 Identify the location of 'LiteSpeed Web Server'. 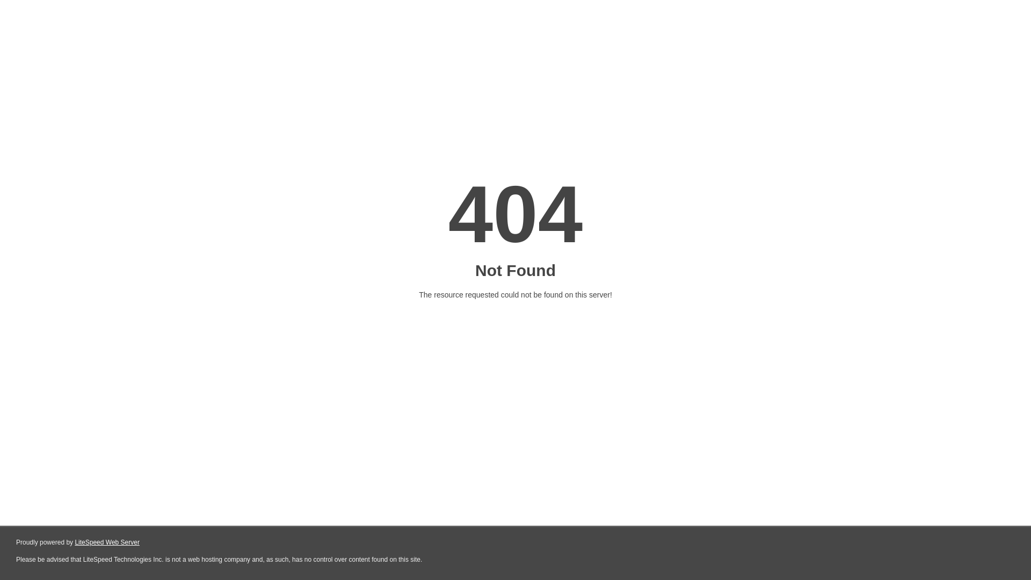
(107, 542).